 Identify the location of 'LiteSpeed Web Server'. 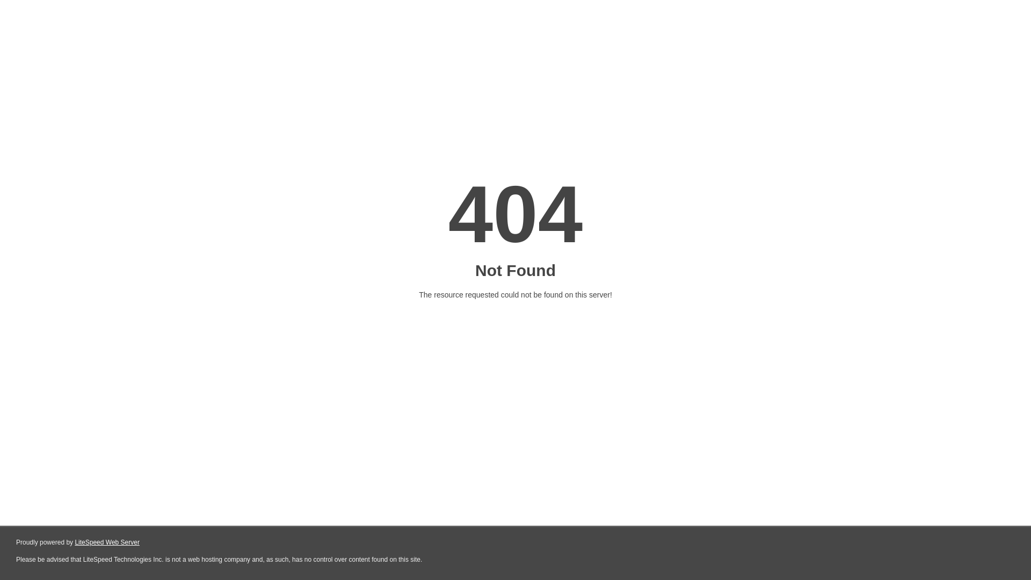
(107, 542).